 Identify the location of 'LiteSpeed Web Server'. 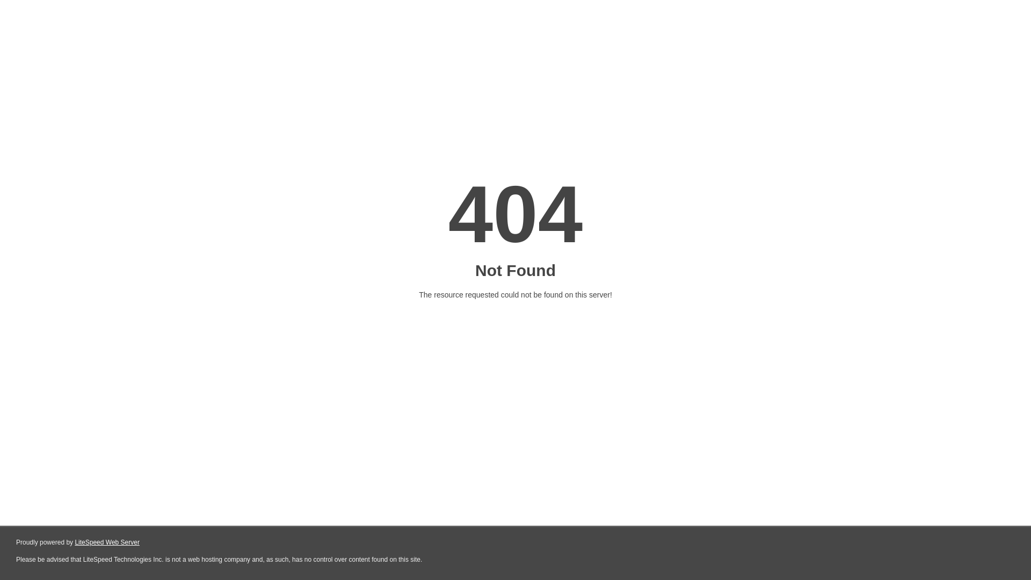
(107, 542).